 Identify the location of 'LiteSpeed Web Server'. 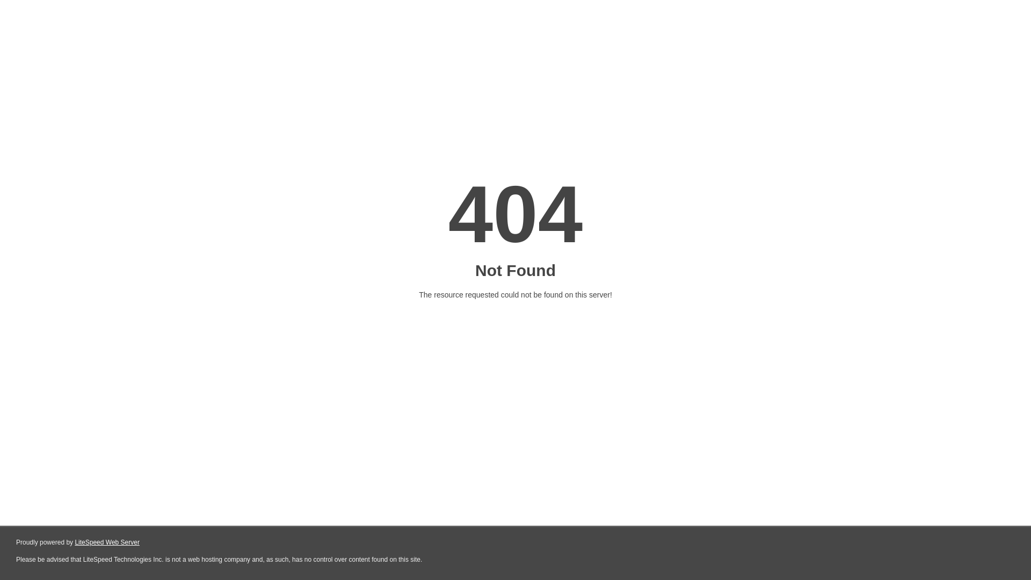
(107, 542).